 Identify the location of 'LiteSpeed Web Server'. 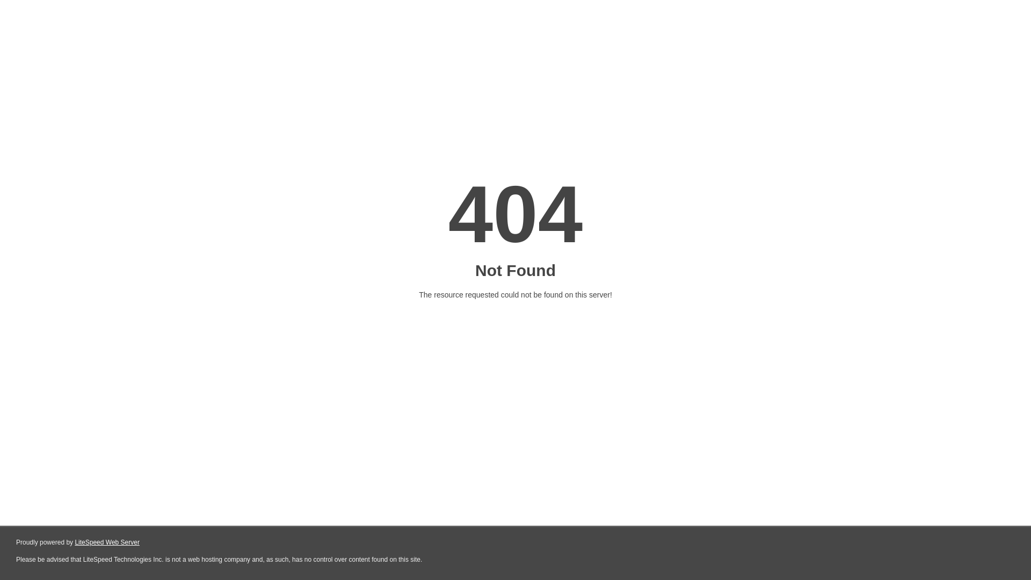
(107, 542).